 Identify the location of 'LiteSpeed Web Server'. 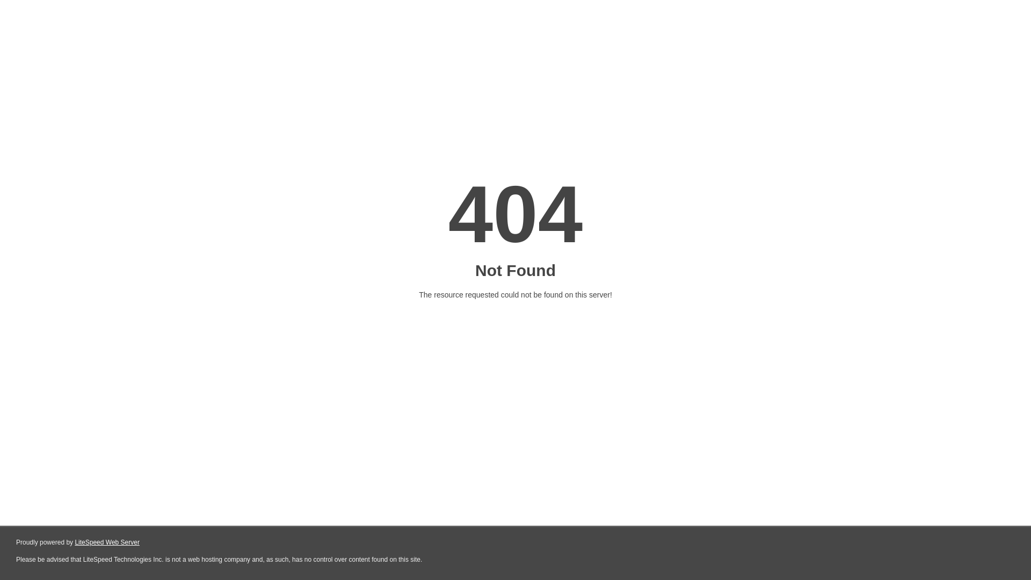
(107, 542).